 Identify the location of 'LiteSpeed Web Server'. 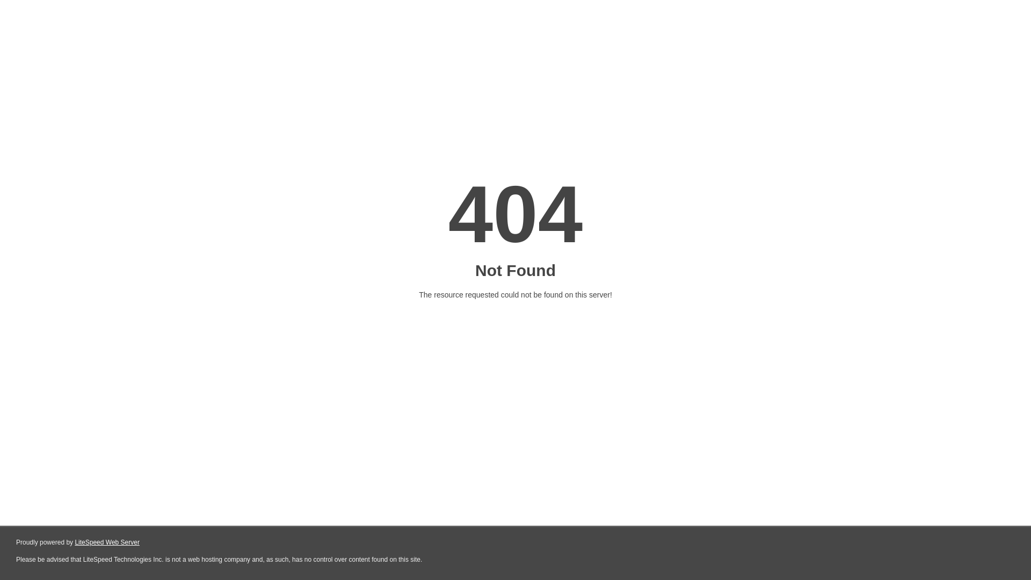
(107, 542).